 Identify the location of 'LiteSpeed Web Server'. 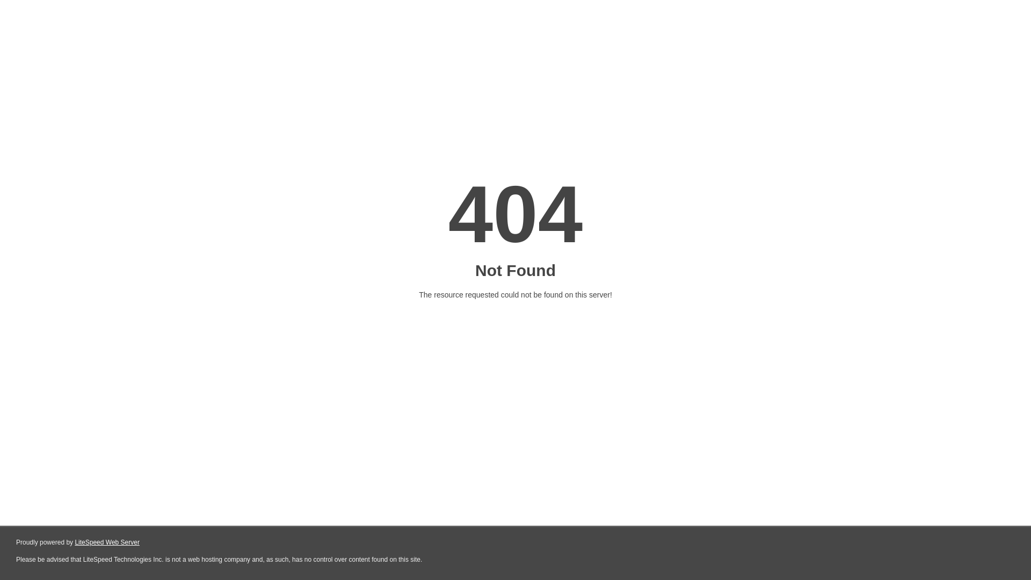
(107, 542).